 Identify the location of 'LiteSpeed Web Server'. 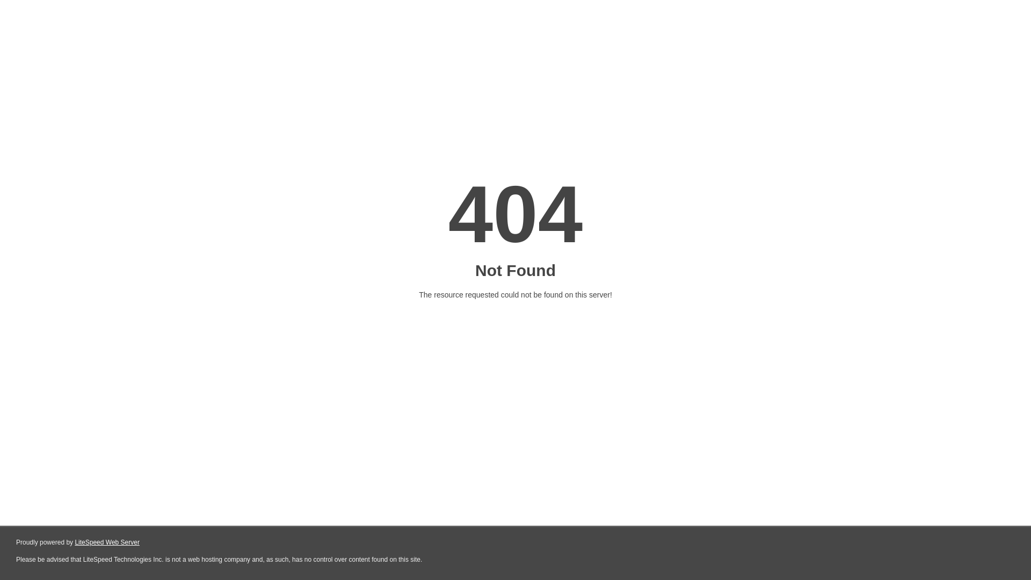
(107, 542).